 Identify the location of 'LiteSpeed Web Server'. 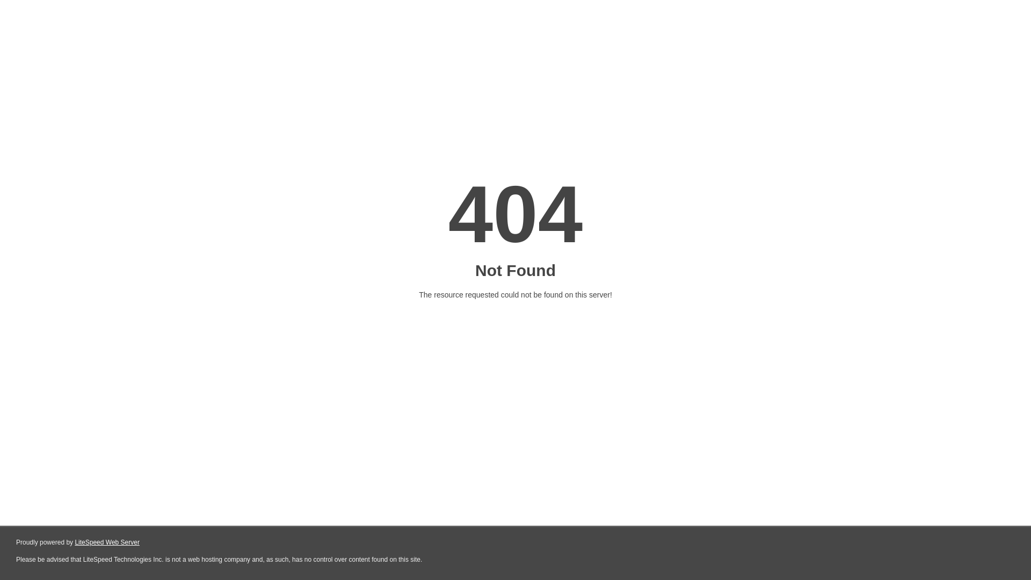
(107, 542).